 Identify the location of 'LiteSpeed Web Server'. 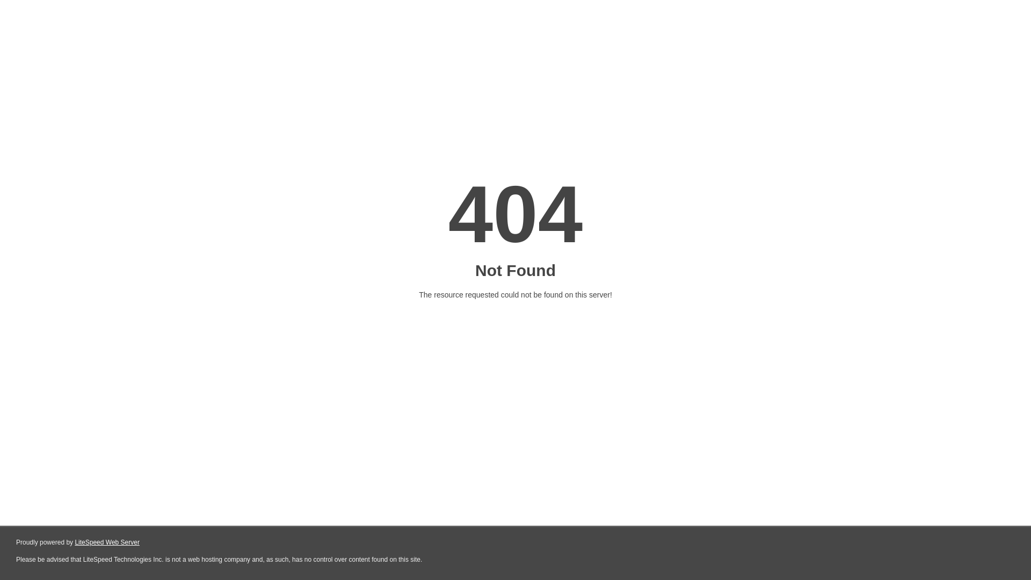
(107, 542).